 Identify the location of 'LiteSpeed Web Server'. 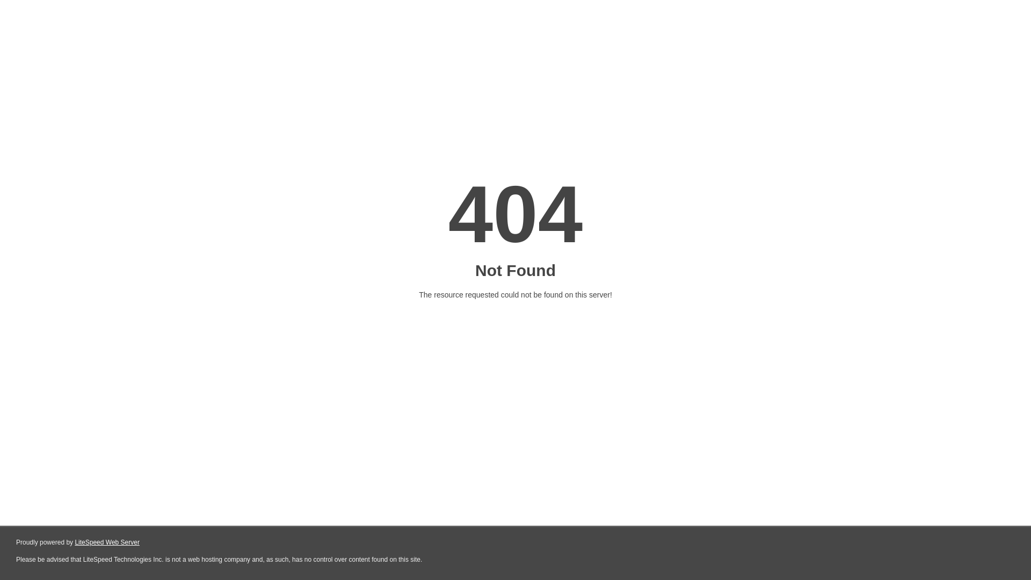
(107, 542).